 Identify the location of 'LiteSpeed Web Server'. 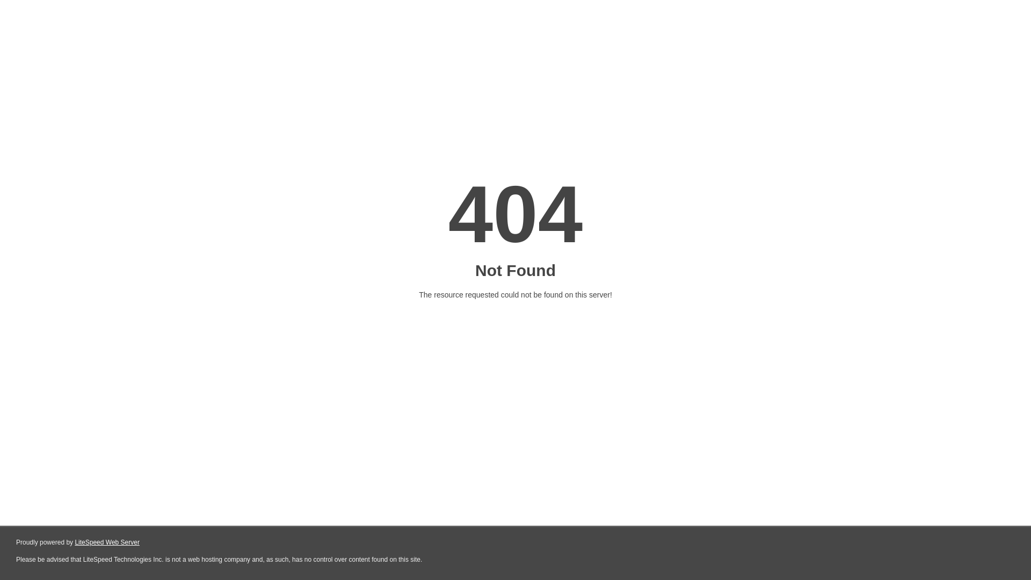
(107, 542).